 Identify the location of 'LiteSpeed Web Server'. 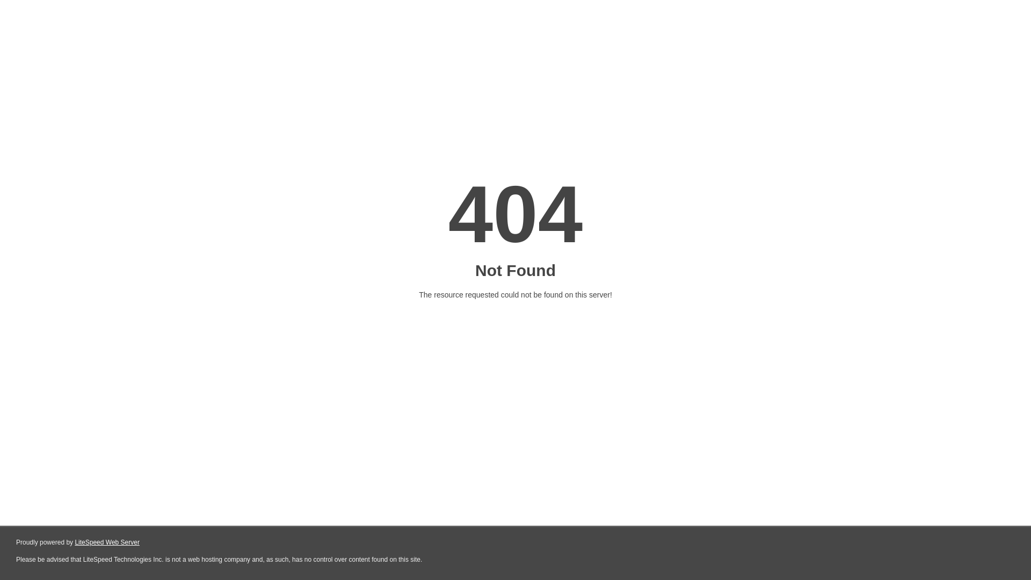
(107, 542).